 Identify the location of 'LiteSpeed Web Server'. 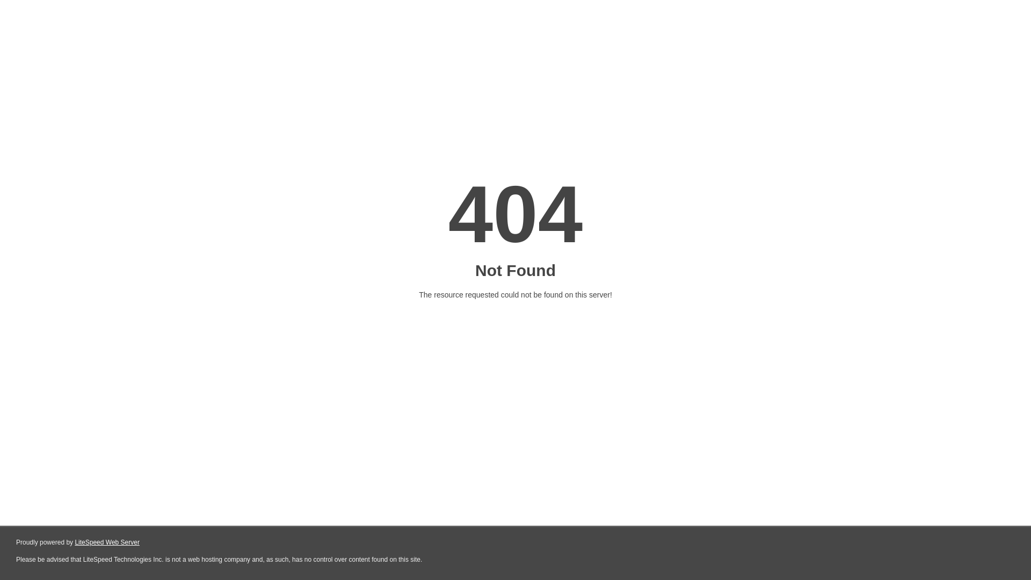
(107, 542).